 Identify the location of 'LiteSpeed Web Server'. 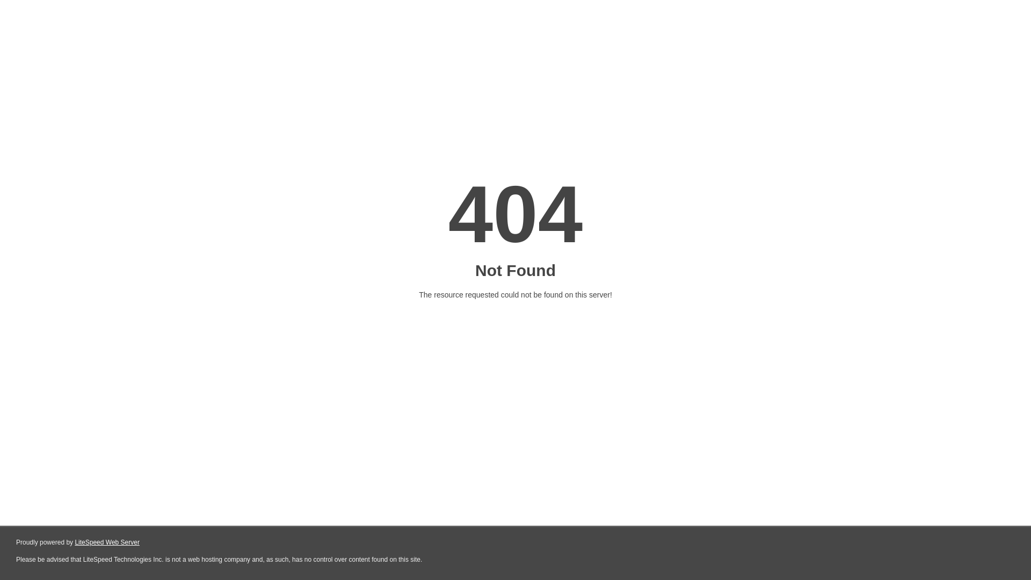
(107, 542).